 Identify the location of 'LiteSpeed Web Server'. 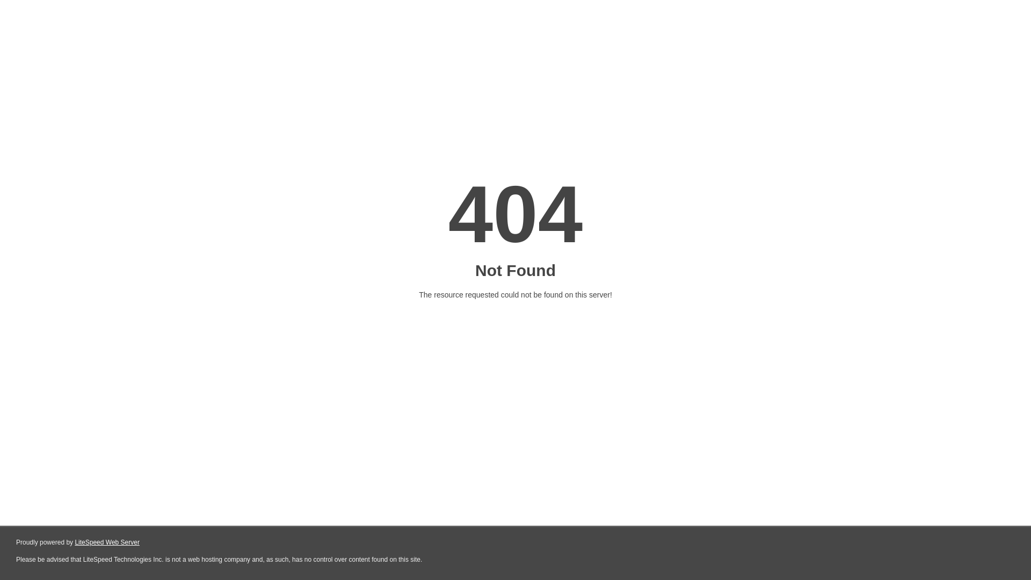
(107, 542).